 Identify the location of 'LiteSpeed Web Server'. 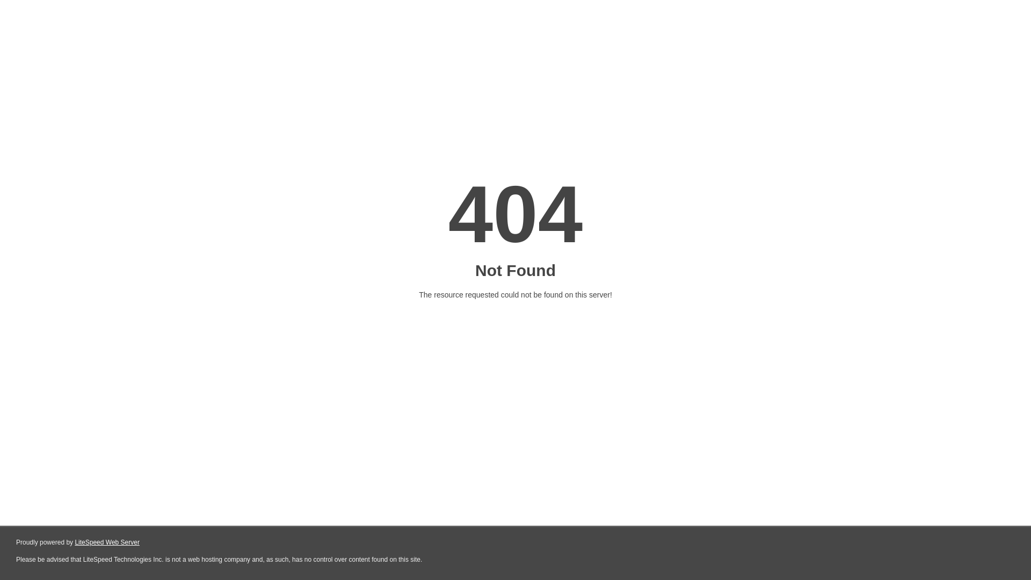
(107, 542).